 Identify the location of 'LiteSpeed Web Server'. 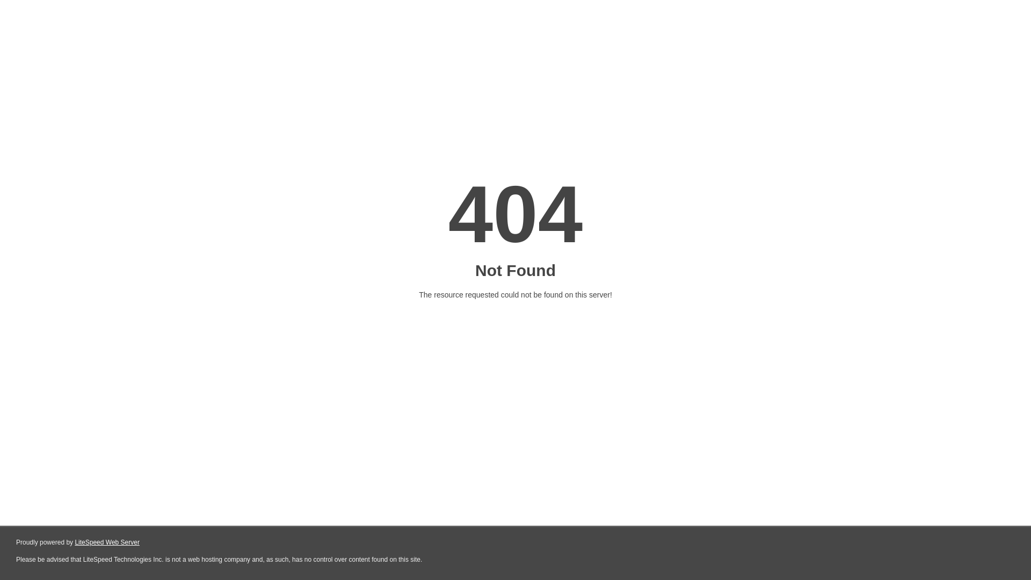
(107, 542).